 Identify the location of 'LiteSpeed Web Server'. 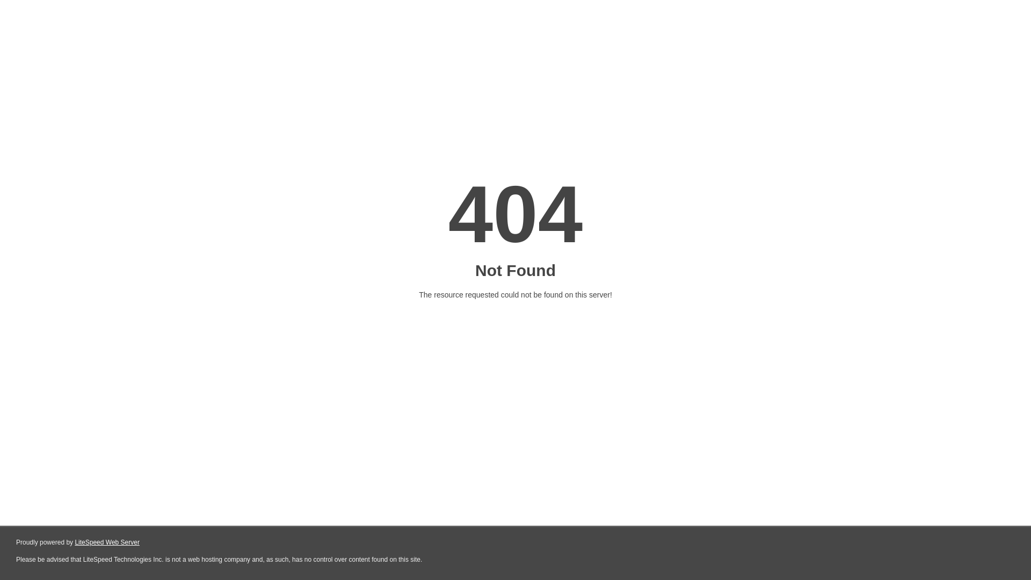
(107, 542).